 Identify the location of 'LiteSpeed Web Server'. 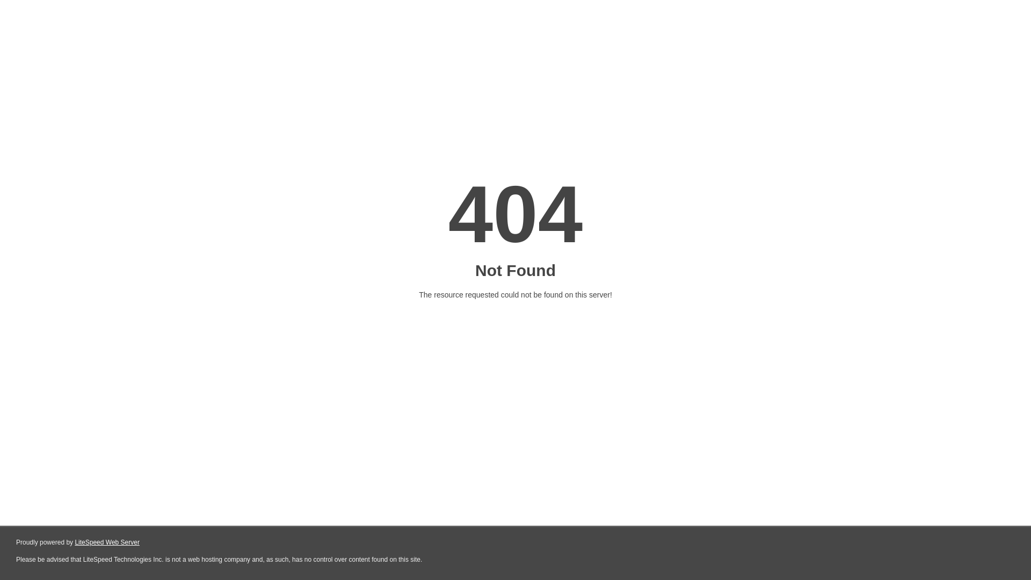
(107, 542).